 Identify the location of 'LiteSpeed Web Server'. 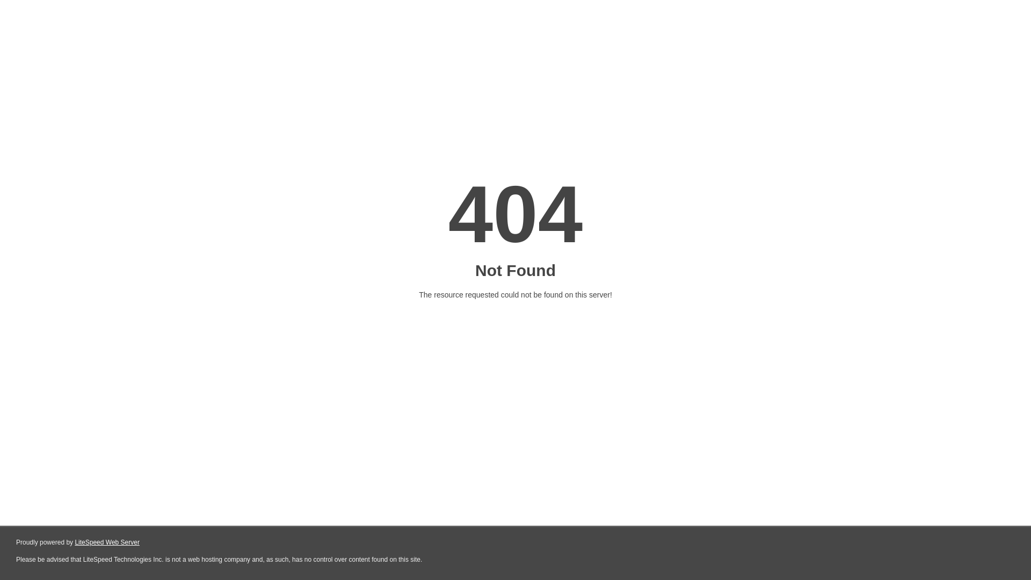
(107, 542).